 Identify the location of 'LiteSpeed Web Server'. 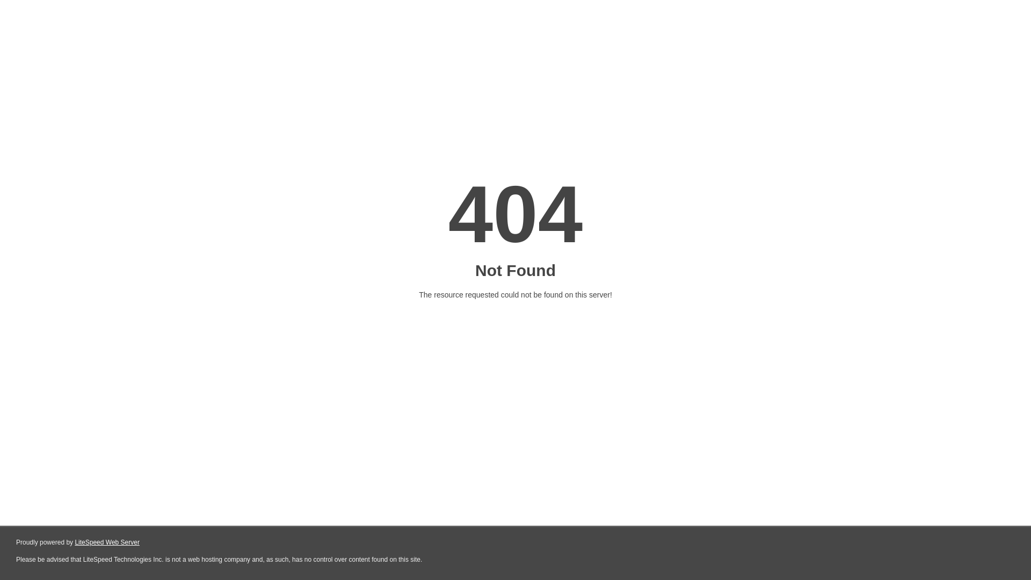
(107, 542).